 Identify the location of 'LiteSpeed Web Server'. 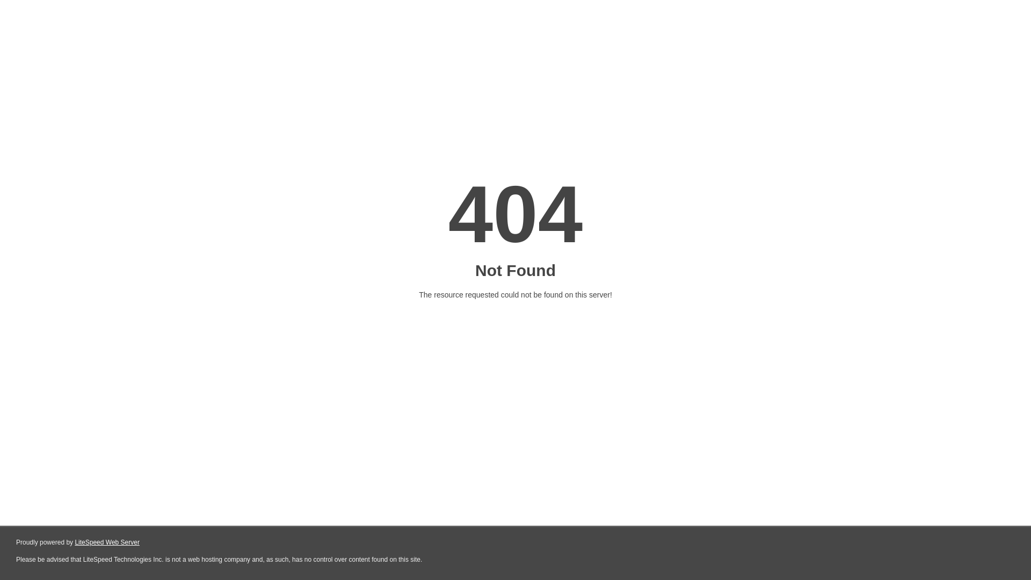
(107, 542).